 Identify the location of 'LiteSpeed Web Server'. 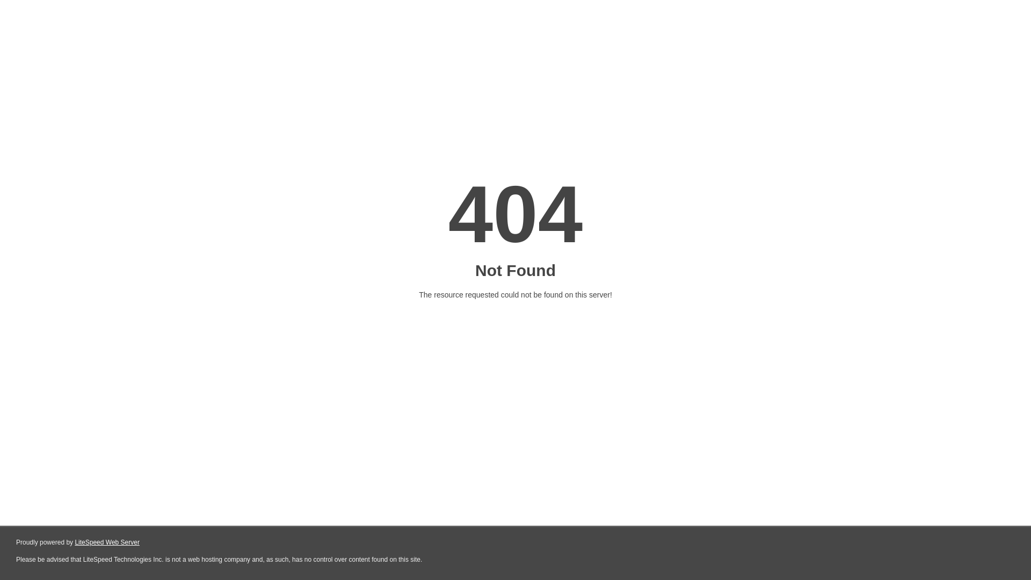
(107, 542).